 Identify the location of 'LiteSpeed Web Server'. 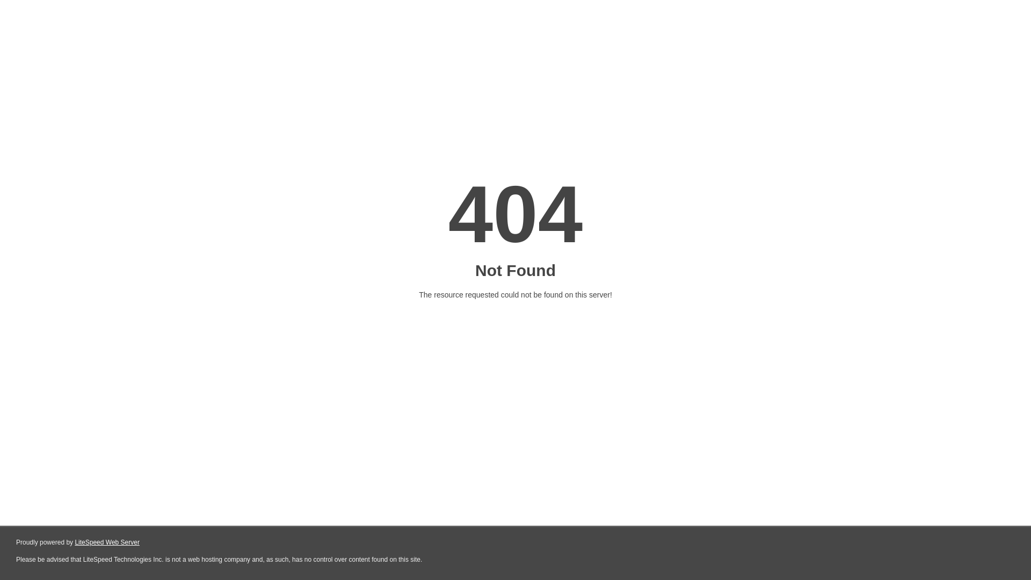
(107, 542).